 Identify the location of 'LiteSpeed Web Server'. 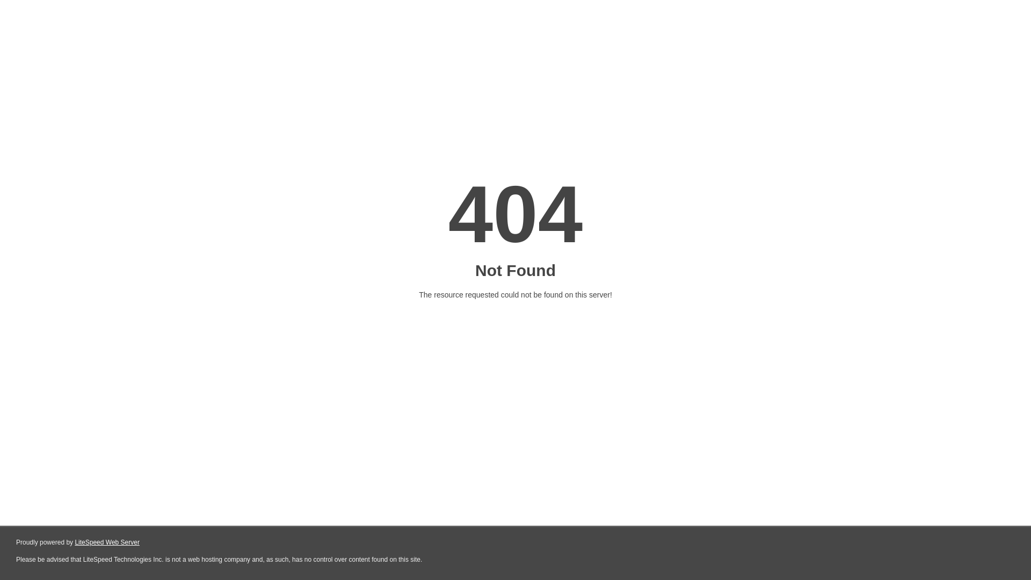
(107, 542).